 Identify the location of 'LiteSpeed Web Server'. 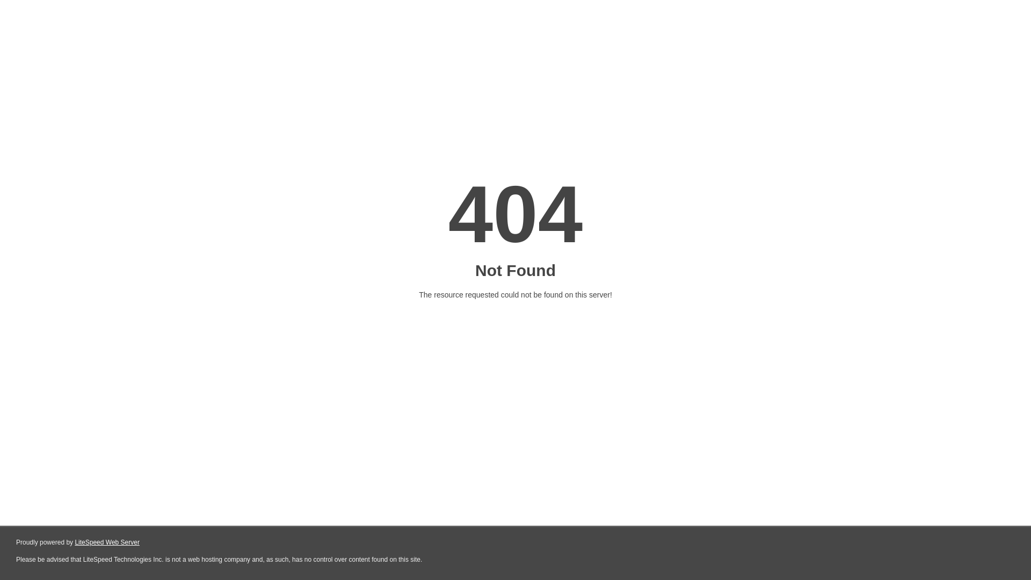
(107, 542).